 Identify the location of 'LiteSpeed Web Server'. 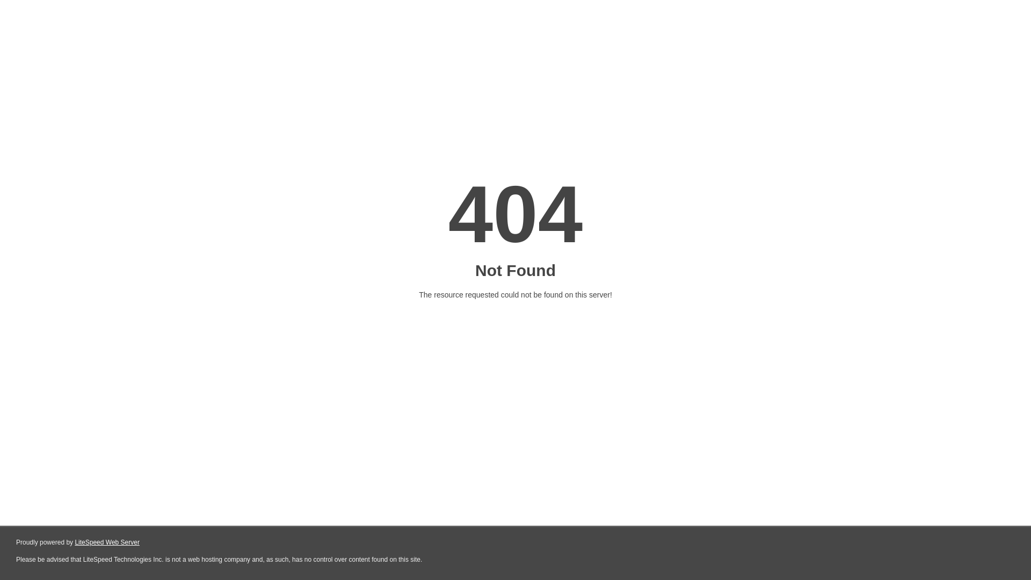
(107, 542).